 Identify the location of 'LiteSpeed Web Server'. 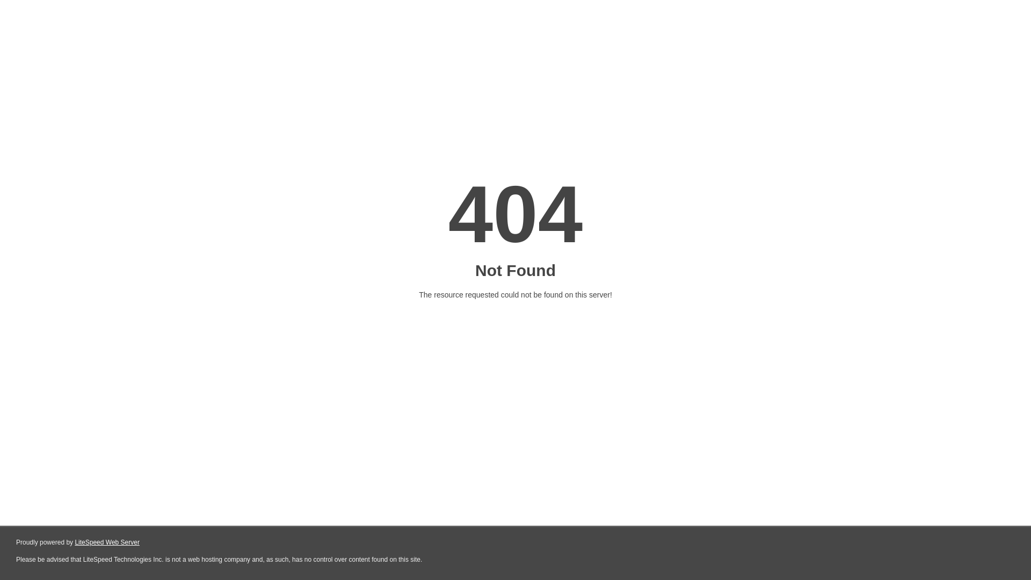
(107, 542).